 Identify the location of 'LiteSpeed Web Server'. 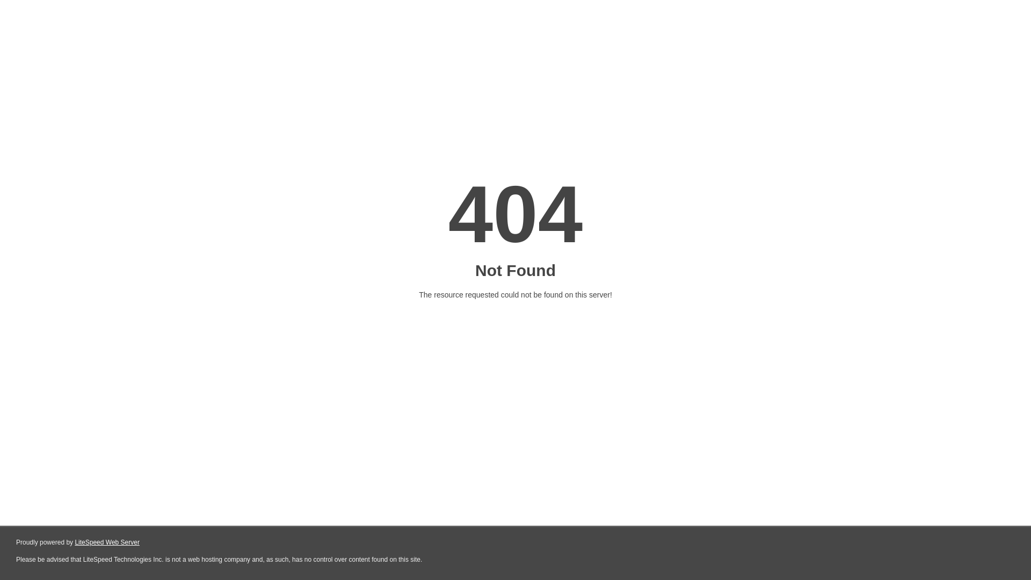
(107, 542).